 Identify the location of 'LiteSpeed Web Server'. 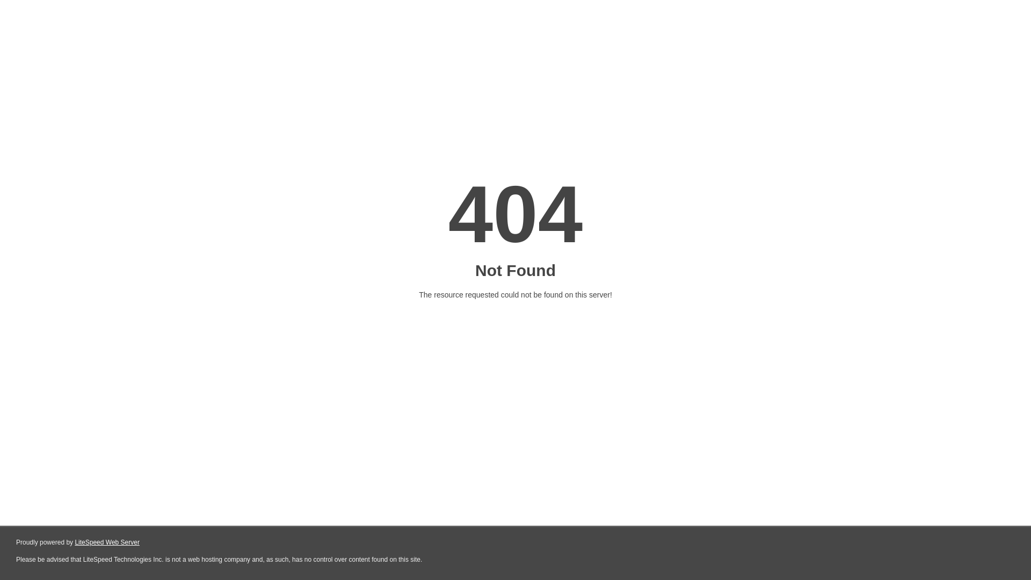
(107, 542).